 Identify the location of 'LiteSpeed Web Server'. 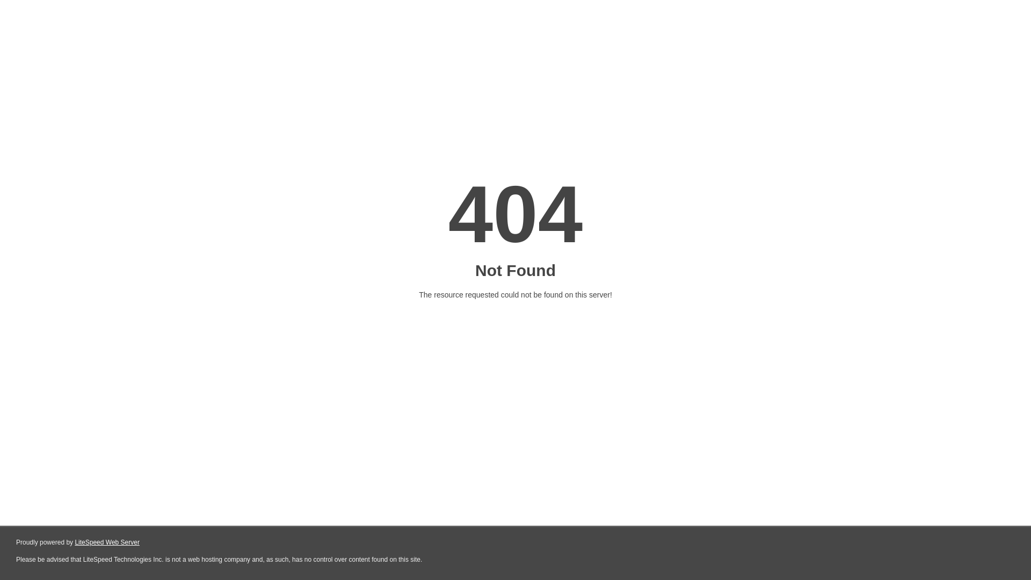
(107, 542).